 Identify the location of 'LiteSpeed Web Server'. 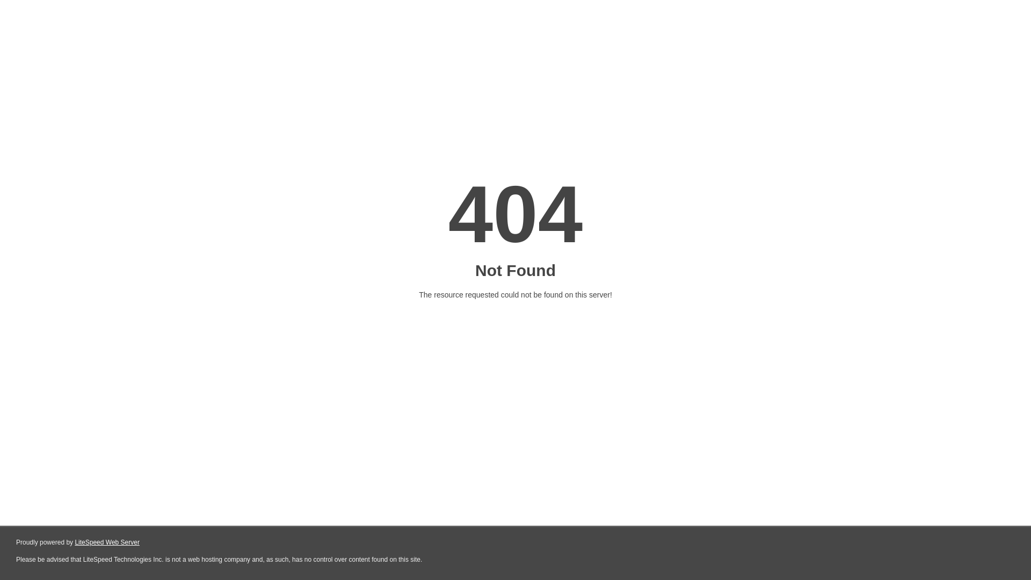
(107, 542).